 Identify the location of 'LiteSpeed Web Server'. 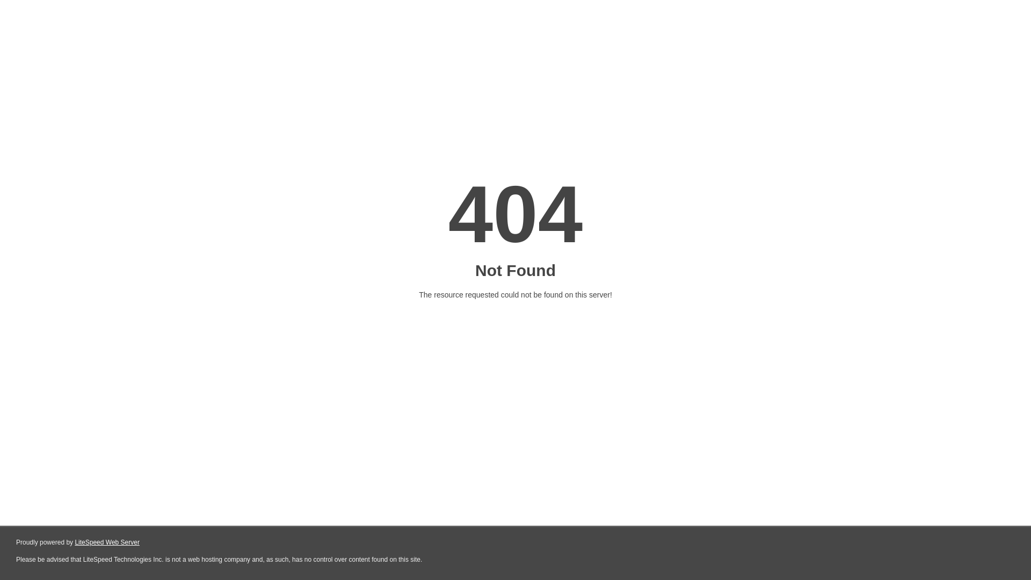
(107, 542).